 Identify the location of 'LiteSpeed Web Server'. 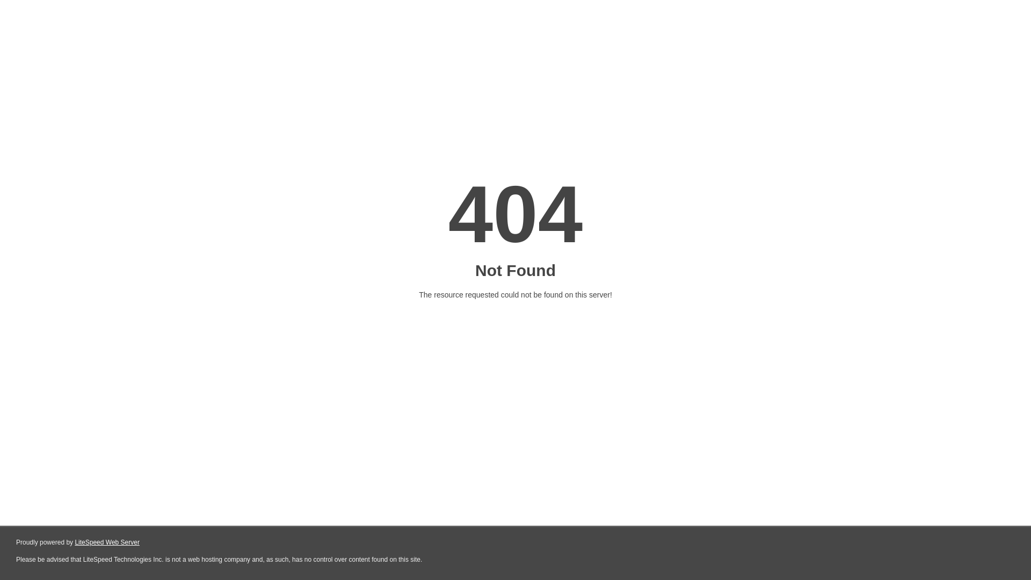
(107, 542).